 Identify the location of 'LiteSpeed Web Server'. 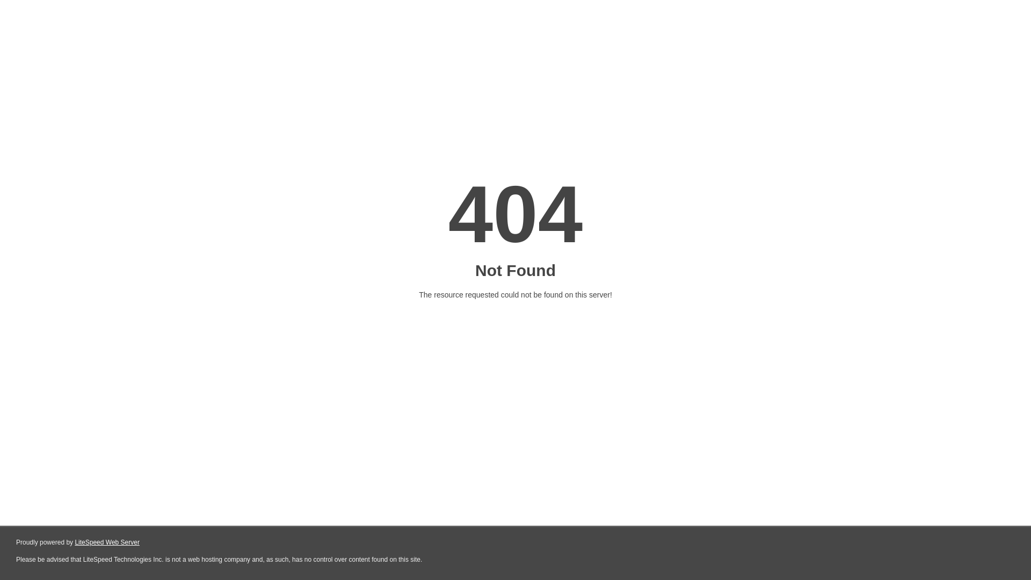
(107, 542).